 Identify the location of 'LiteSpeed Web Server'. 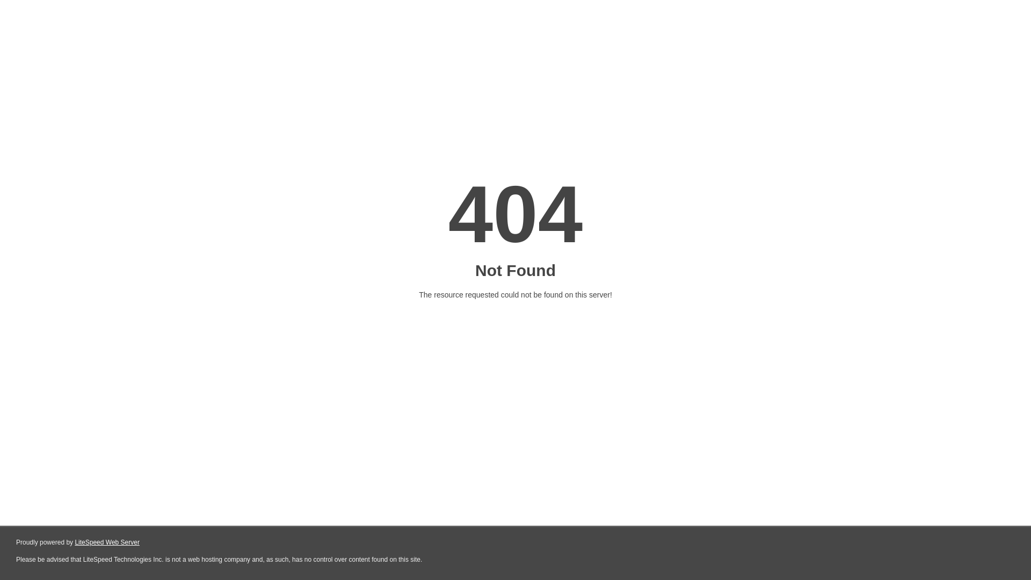
(107, 542).